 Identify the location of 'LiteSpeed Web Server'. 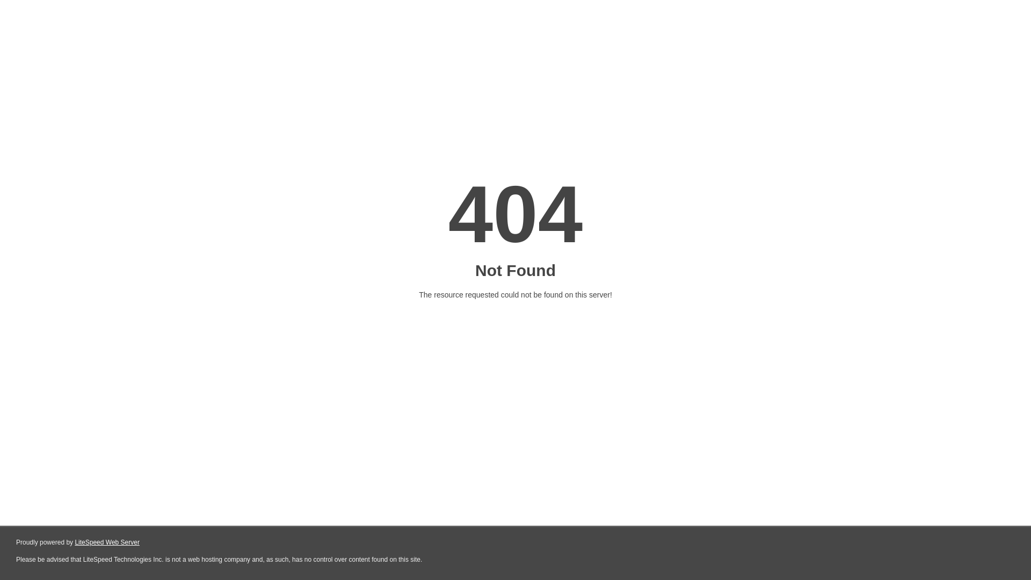
(107, 542).